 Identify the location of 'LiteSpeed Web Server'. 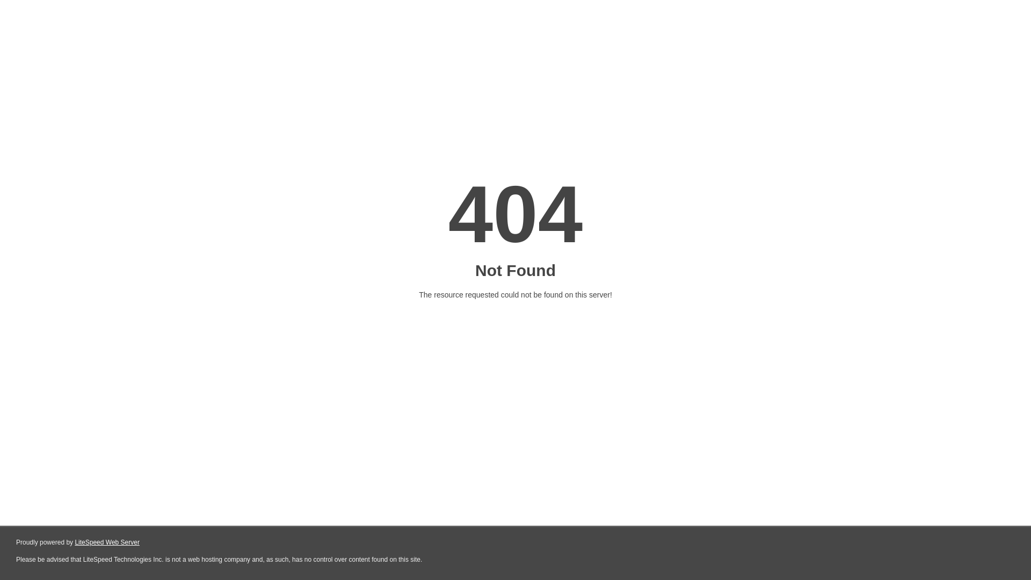
(107, 542).